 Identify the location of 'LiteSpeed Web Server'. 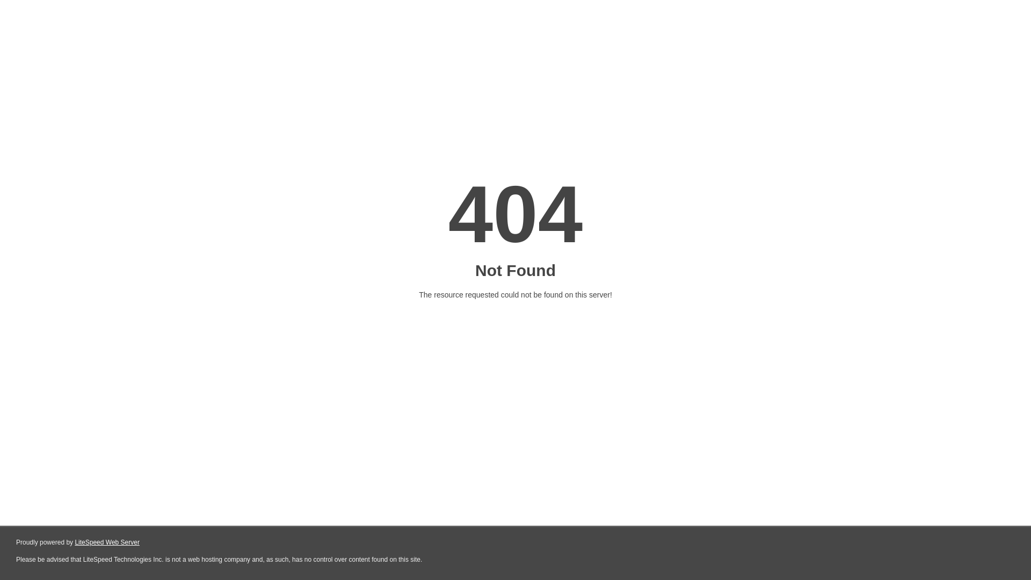
(107, 542).